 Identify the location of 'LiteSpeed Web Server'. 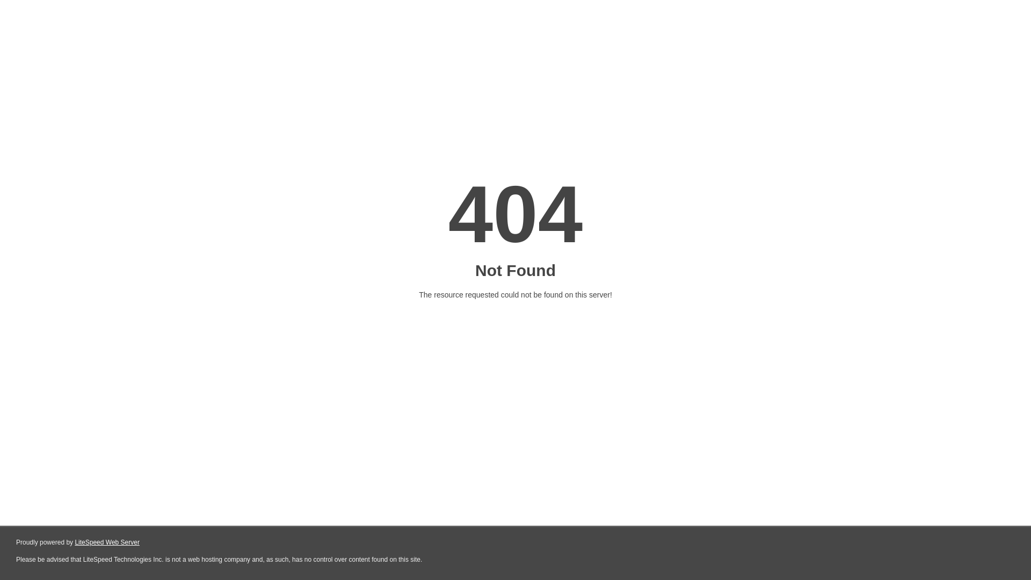
(107, 542).